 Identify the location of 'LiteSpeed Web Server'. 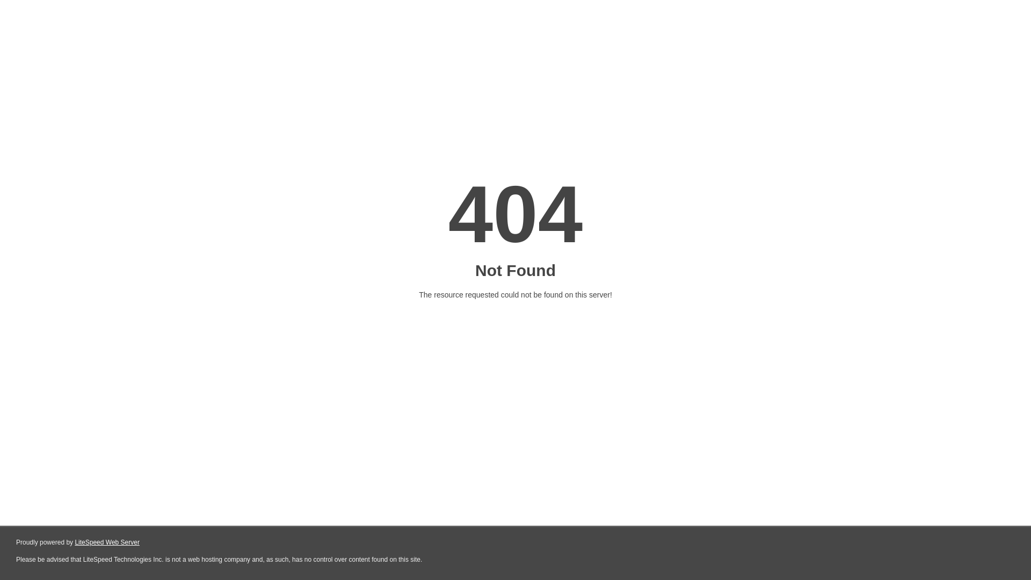
(107, 542).